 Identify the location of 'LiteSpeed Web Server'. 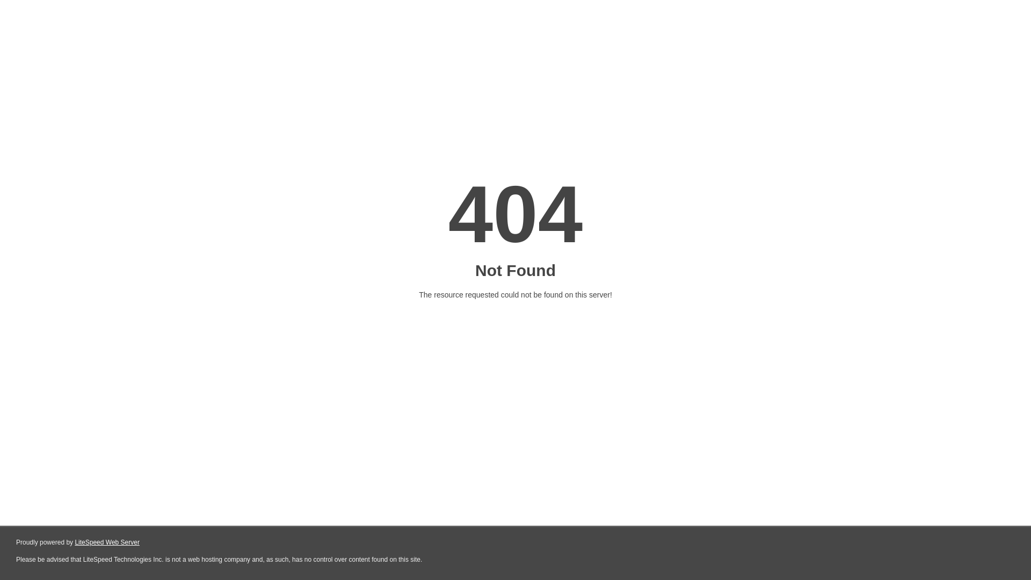
(107, 542).